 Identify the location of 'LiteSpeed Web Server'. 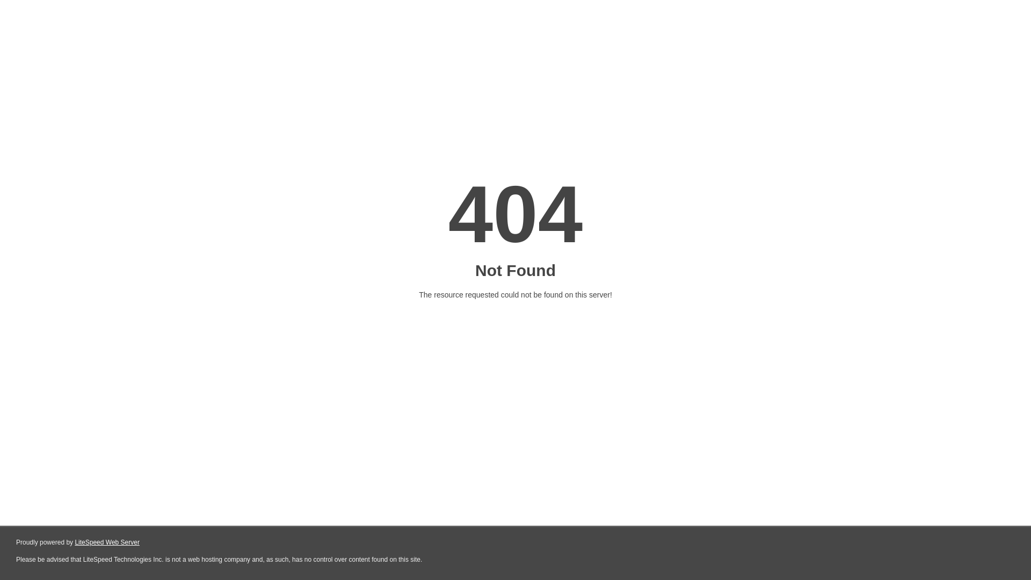
(107, 542).